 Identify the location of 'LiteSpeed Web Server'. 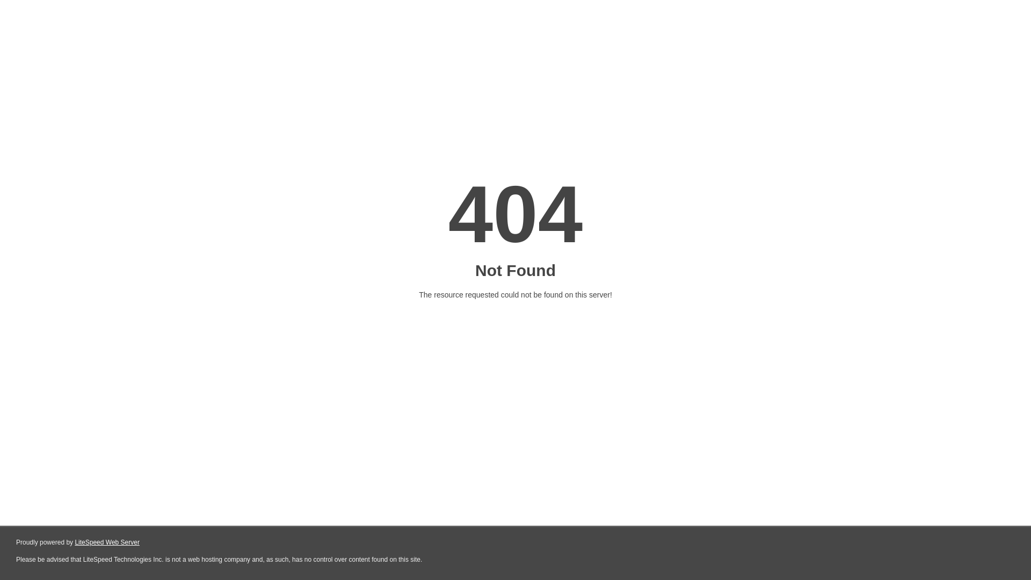
(107, 542).